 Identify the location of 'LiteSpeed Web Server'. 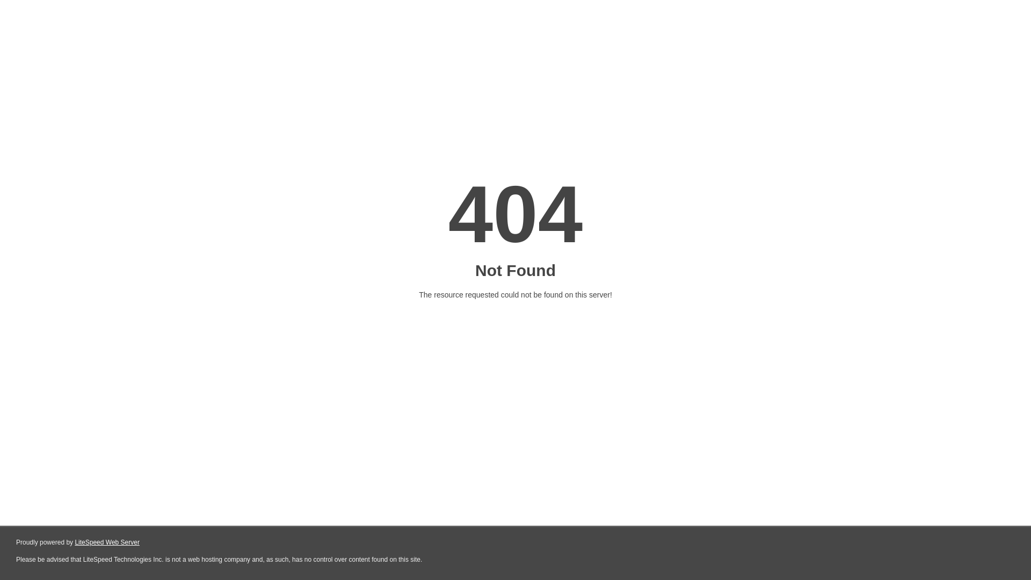
(107, 542).